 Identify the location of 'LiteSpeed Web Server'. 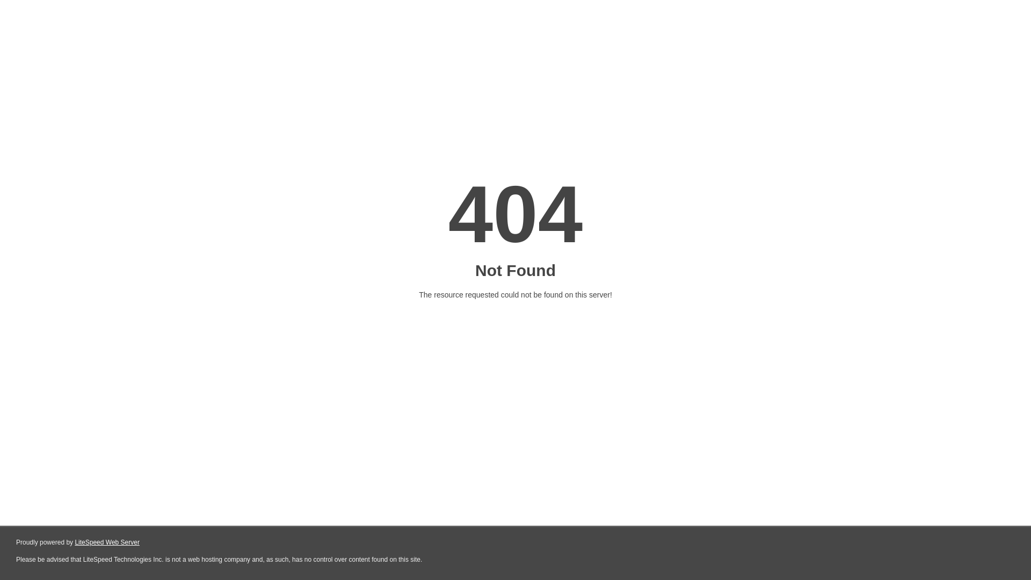
(107, 542).